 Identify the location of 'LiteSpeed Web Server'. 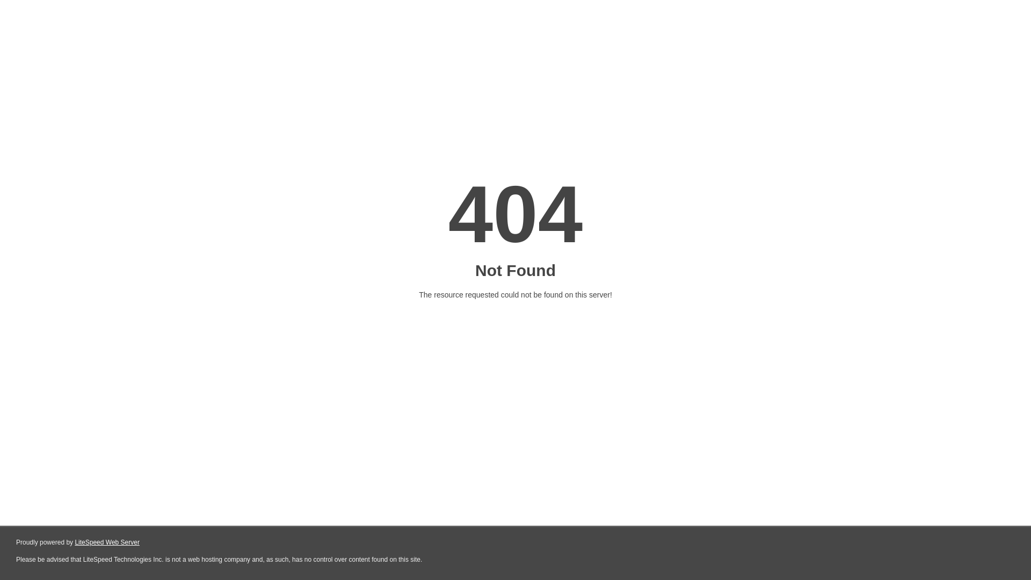
(107, 542).